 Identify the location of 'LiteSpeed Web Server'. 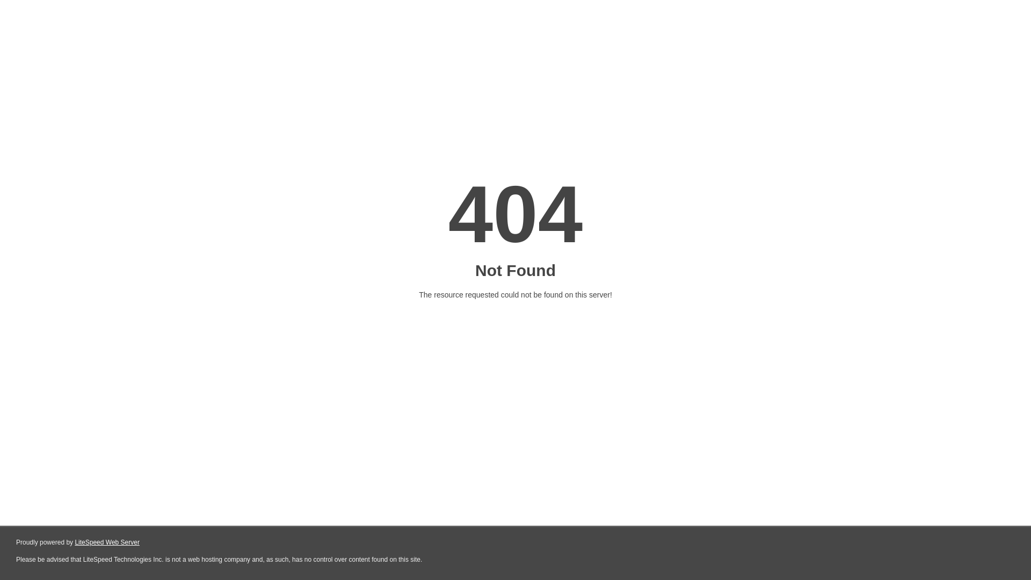
(107, 542).